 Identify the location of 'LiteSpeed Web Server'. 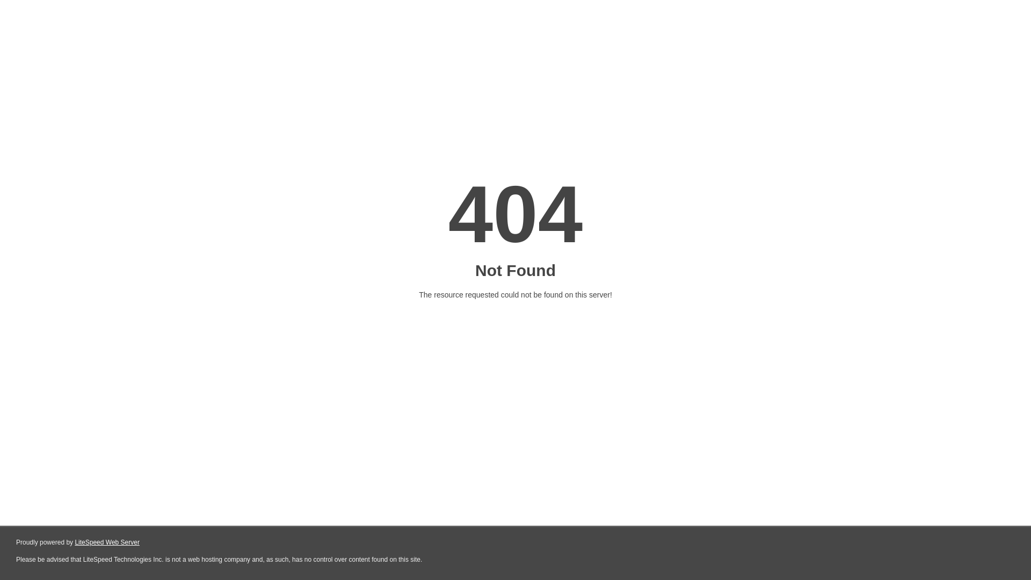
(107, 542).